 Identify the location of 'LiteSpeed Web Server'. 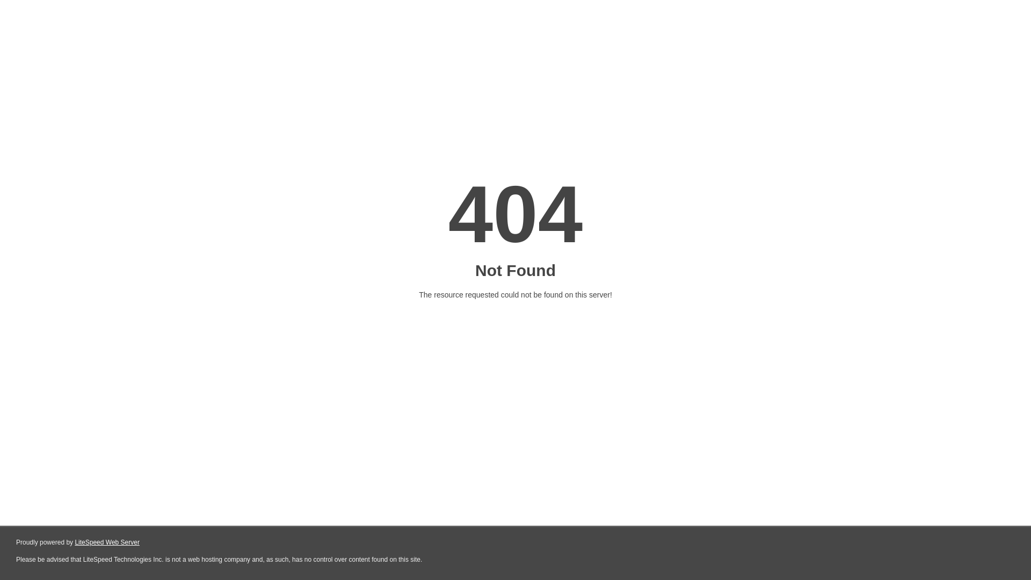
(107, 542).